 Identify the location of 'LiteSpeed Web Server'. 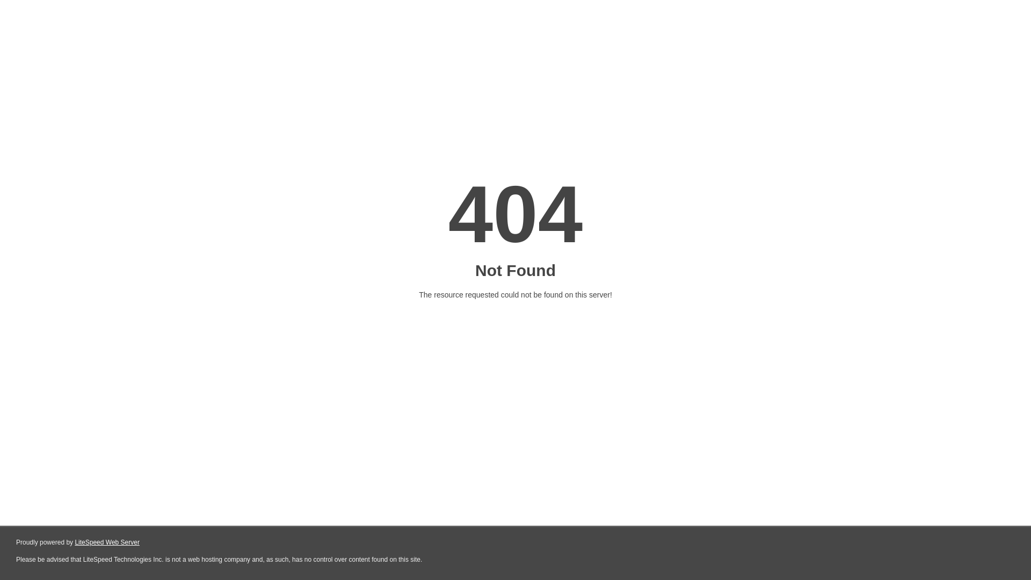
(107, 542).